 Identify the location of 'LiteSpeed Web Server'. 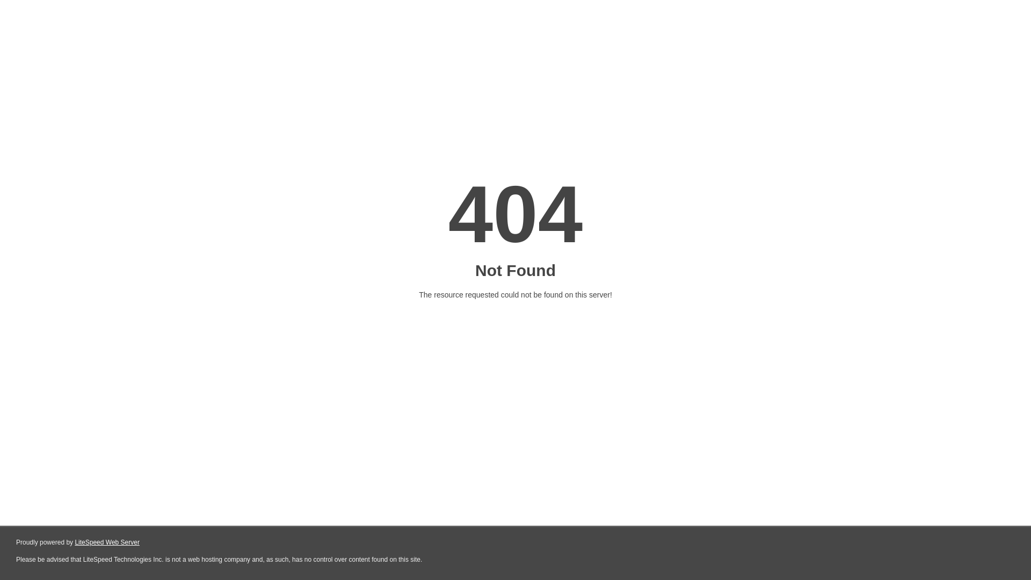
(107, 542).